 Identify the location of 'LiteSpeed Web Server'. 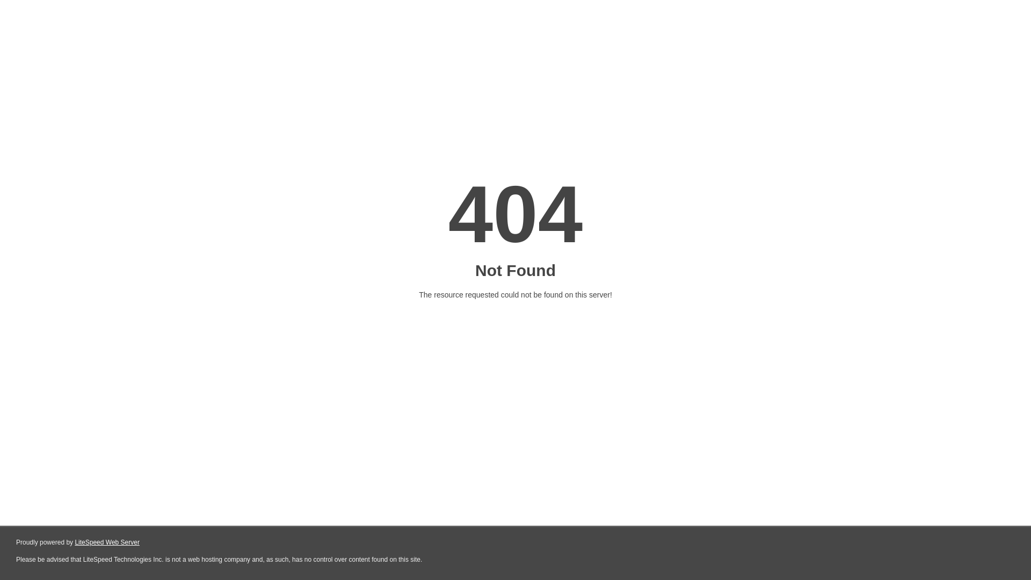
(107, 542).